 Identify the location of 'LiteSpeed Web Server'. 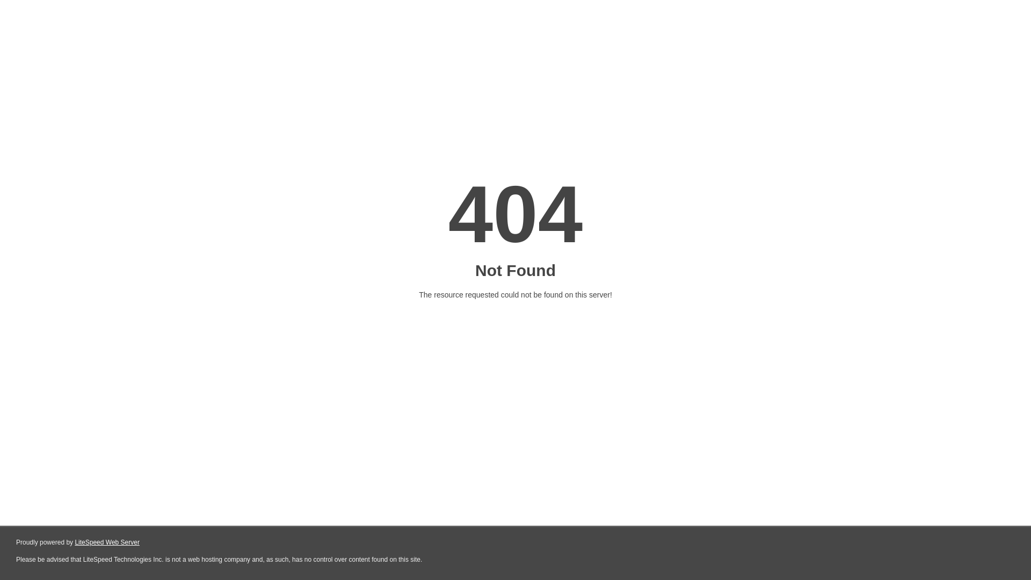
(107, 542).